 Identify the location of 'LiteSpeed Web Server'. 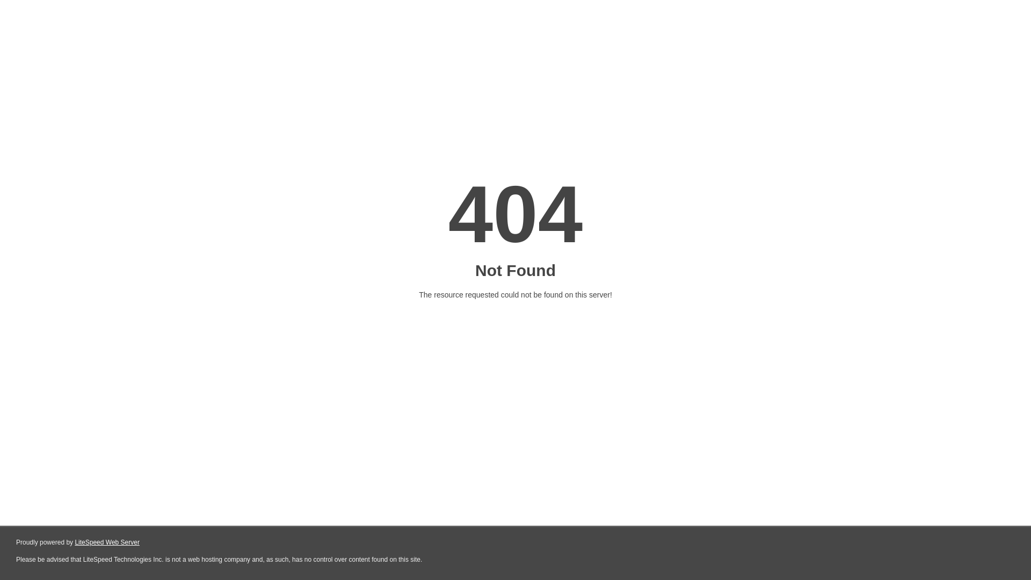
(107, 542).